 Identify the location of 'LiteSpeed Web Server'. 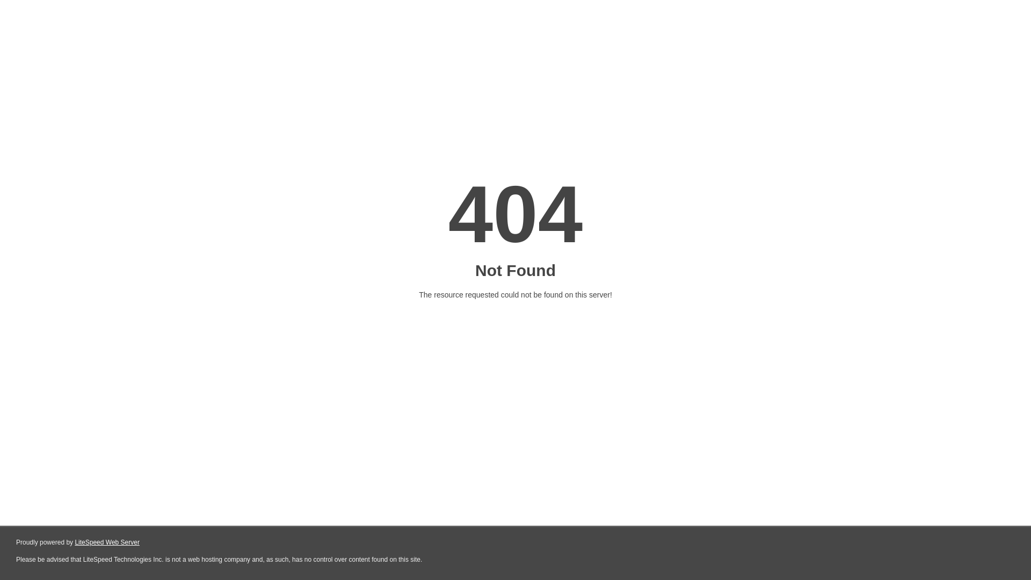
(107, 542).